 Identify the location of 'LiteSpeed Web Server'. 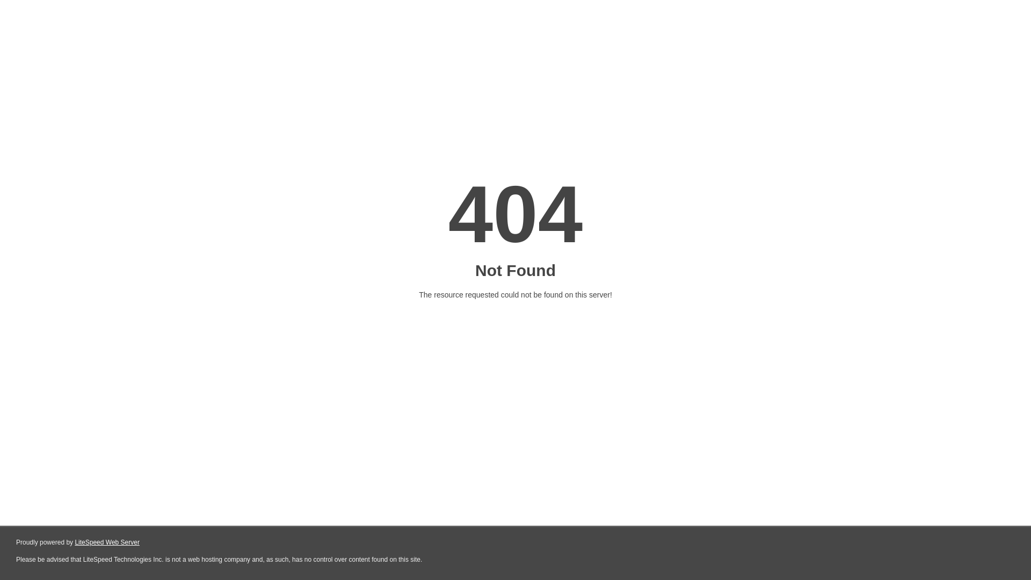
(107, 542).